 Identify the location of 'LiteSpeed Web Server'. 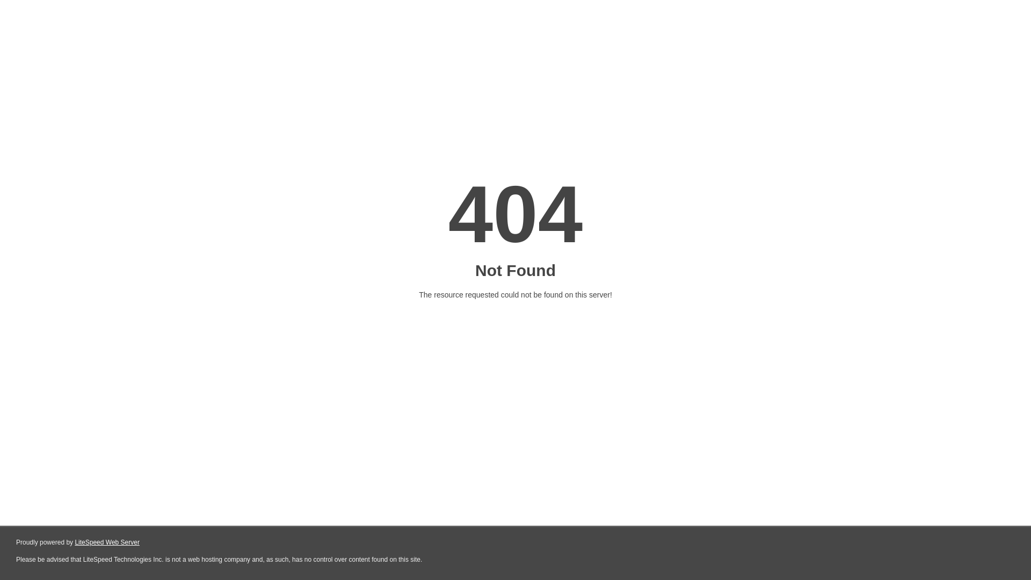
(107, 542).